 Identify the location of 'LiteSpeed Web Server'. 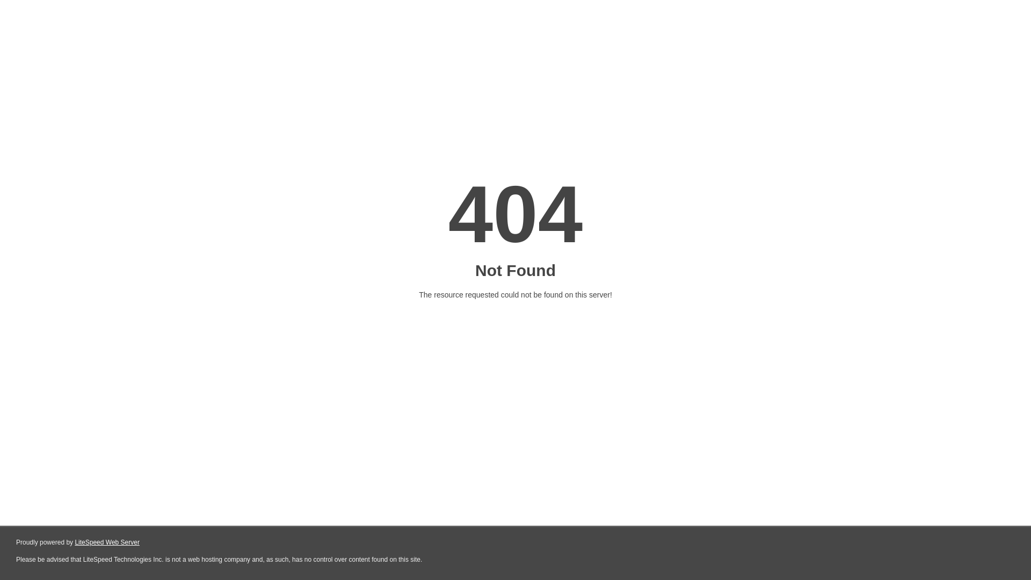
(107, 542).